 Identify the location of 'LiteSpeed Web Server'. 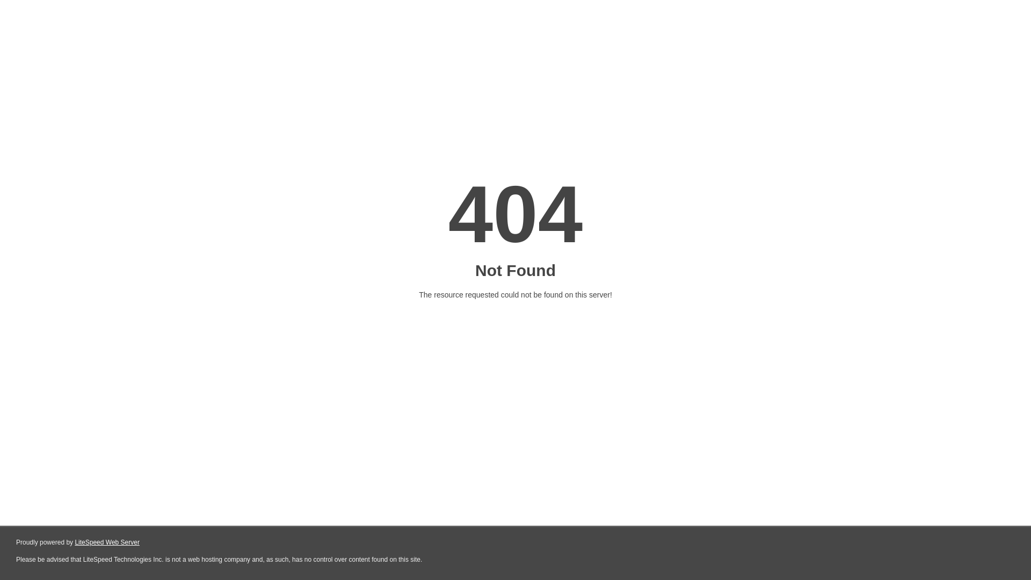
(107, 542).